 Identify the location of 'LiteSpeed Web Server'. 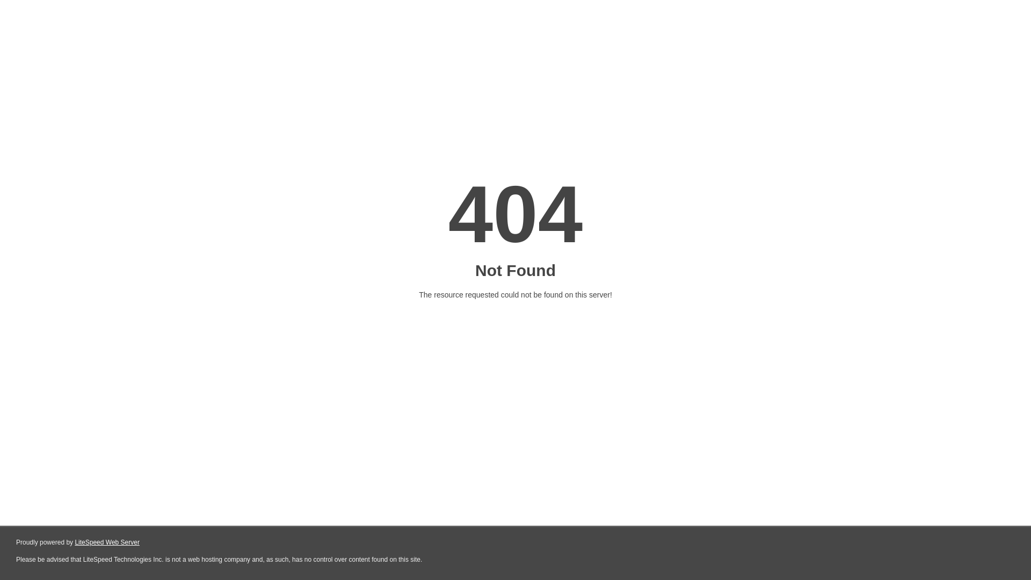
(107, 542).